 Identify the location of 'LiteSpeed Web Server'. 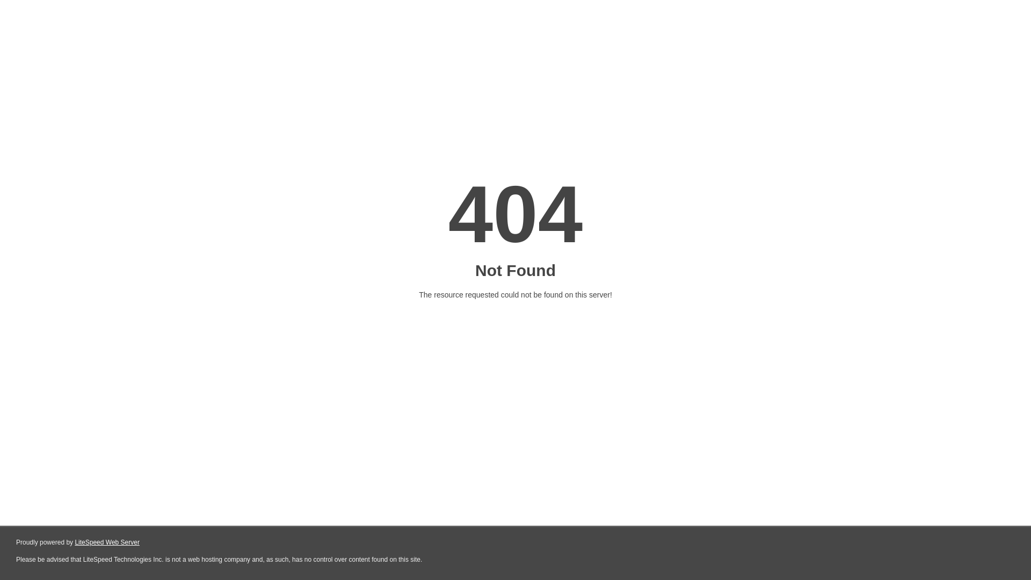
(107, 542).